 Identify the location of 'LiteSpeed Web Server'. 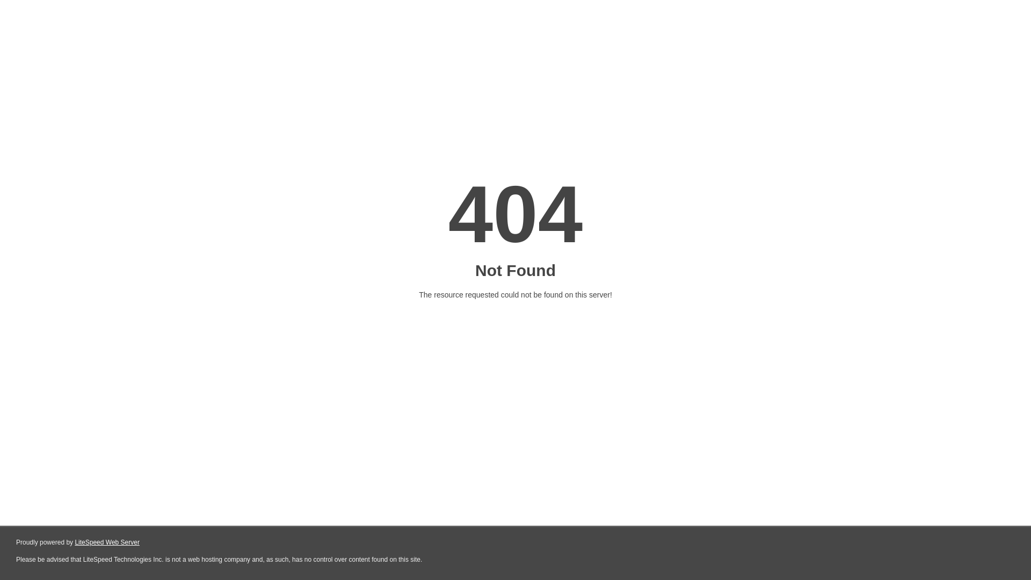
(107, 542).